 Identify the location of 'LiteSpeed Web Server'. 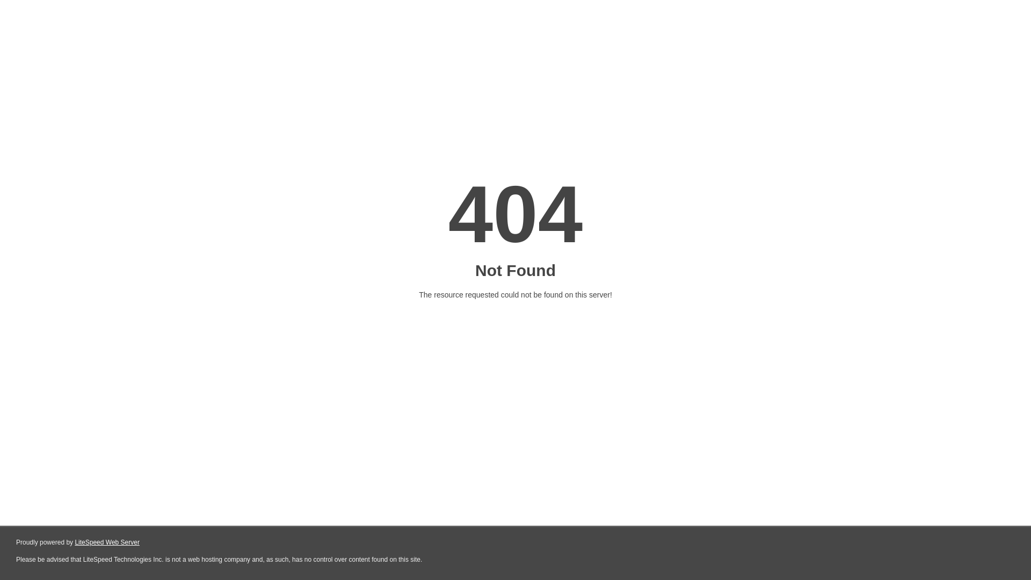
(107, 542).